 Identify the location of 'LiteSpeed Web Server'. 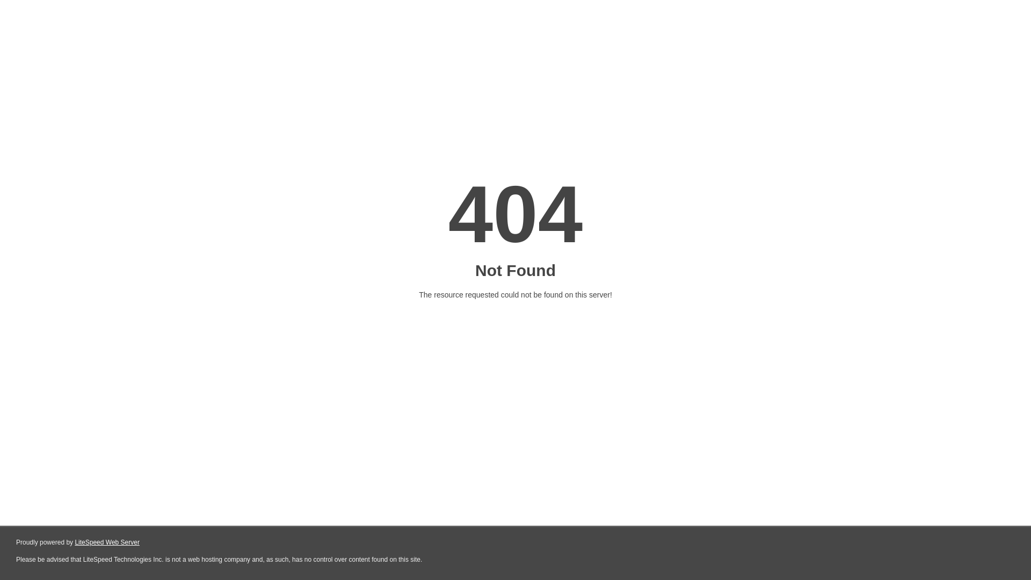
(107, 542).